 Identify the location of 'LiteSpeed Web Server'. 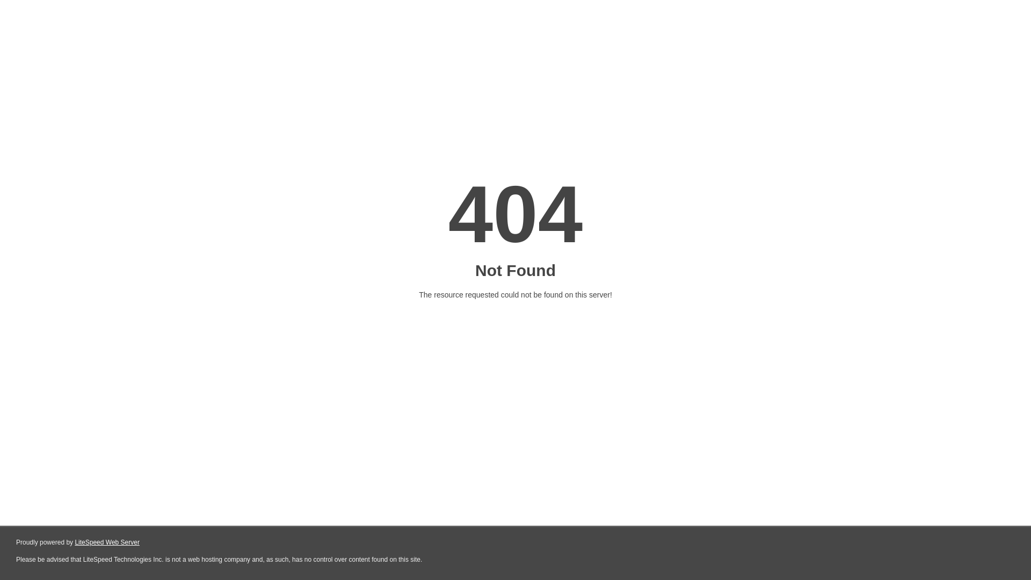
(107, 542).